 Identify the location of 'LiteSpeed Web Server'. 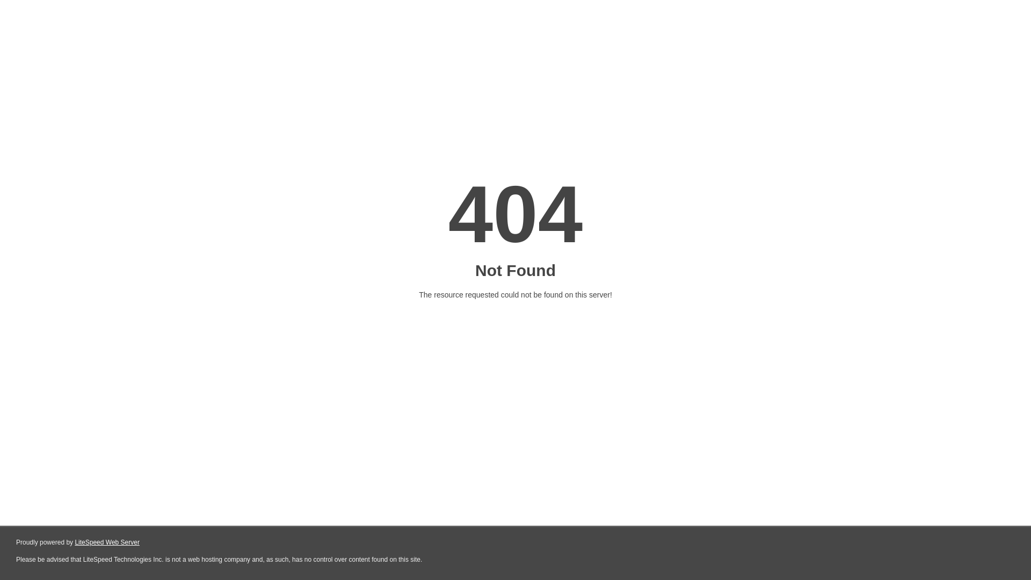
(107, 542).